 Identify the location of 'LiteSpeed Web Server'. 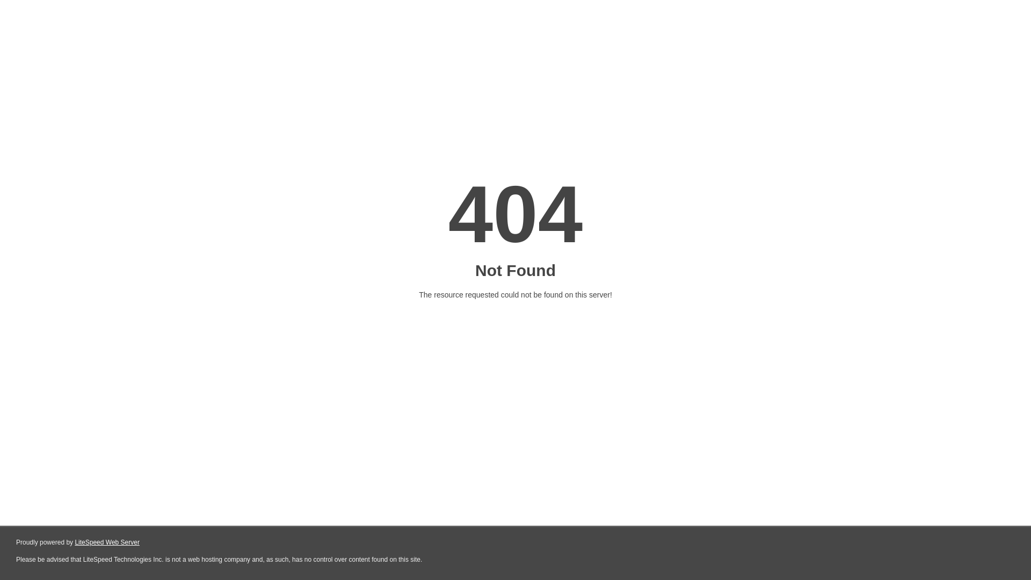
(107, 542).